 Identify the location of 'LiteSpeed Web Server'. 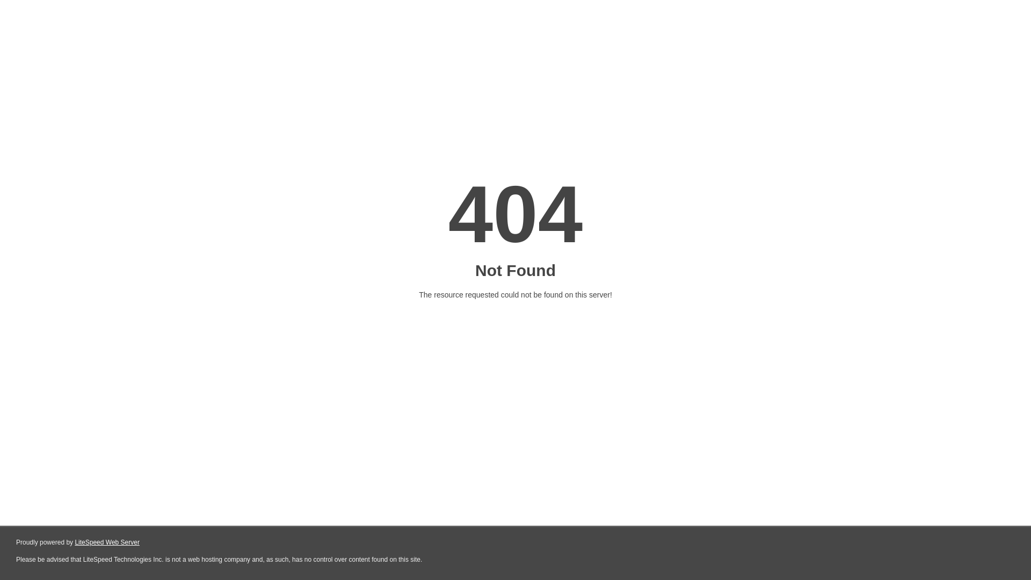
(107, 542).